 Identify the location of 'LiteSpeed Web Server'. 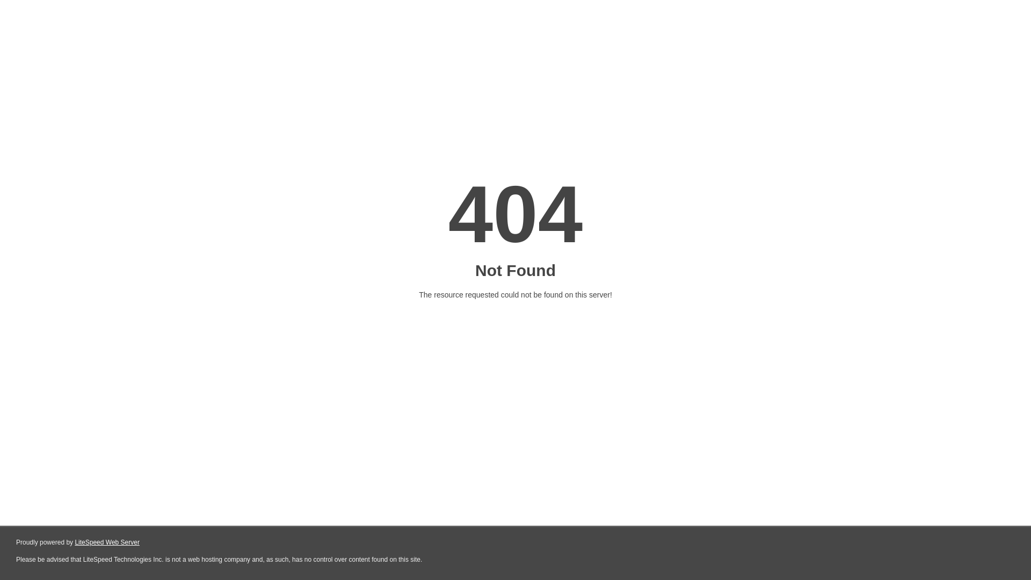
(107, 542).